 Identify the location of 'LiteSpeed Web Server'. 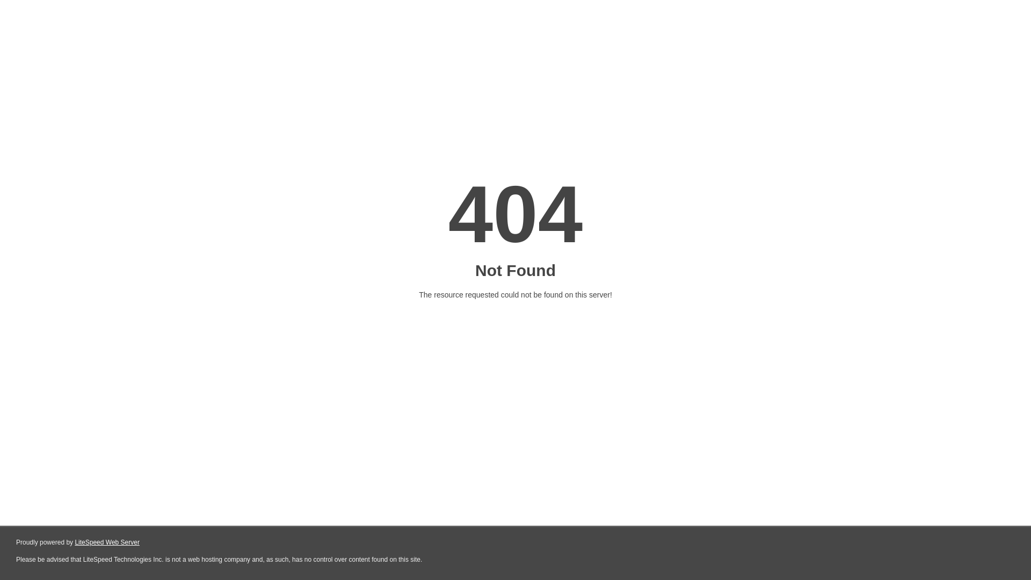
(107, 542).